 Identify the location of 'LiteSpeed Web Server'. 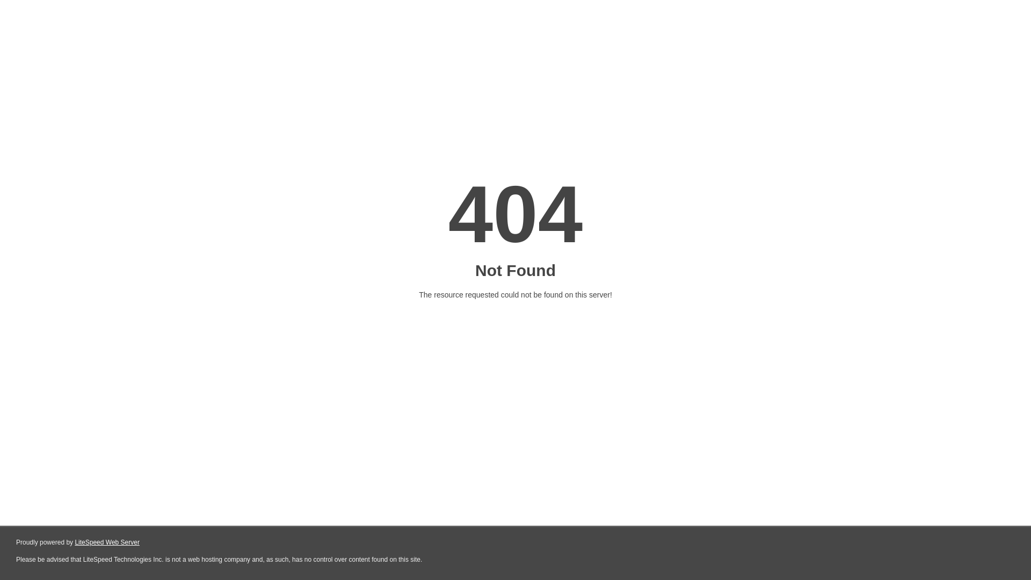
(107, 542).